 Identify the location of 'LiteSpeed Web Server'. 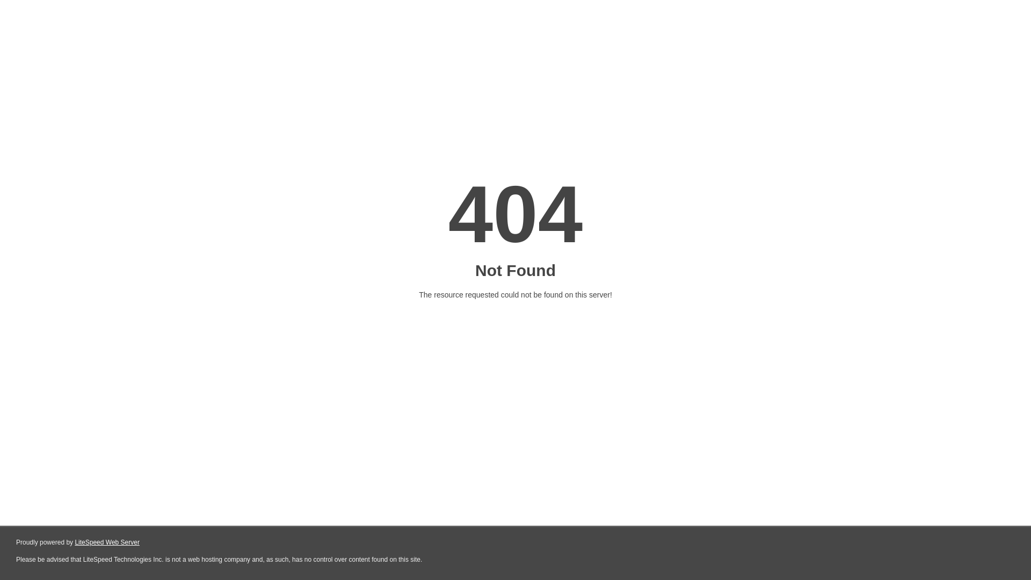
(107, 542).